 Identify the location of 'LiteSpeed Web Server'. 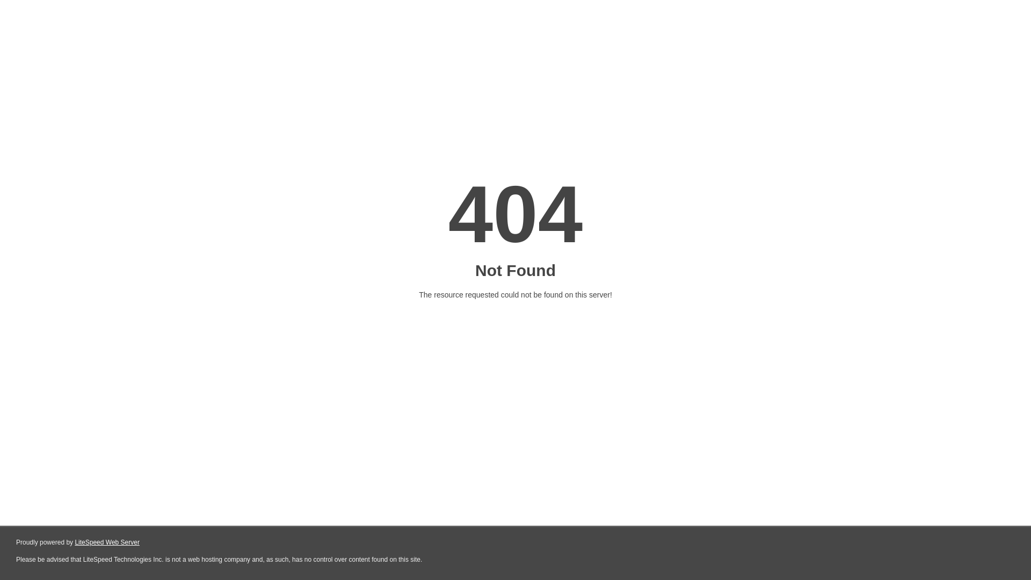
(107, 542).